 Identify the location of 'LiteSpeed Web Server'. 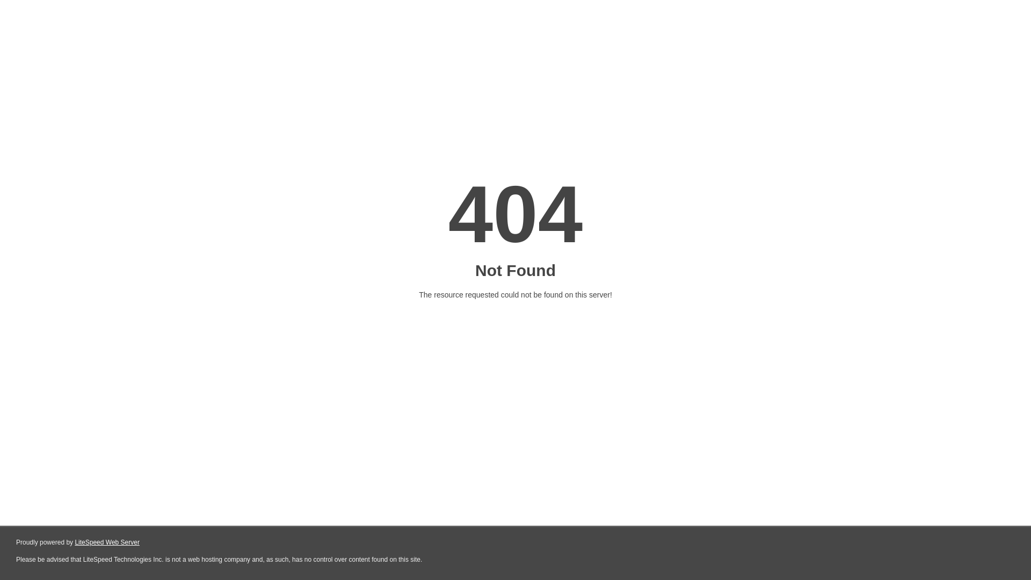
(107, 542).